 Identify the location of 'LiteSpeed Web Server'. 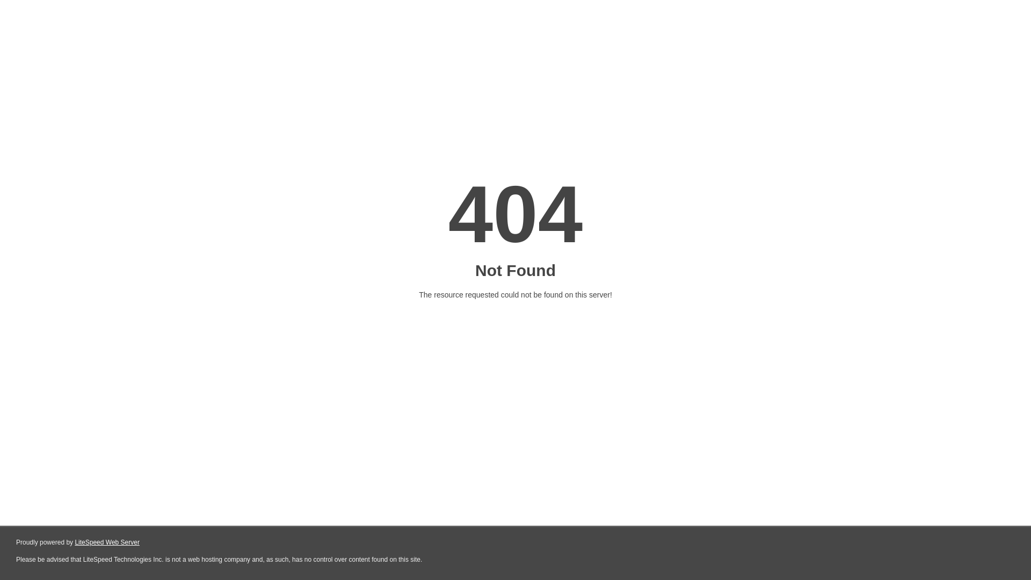
(107, 542).